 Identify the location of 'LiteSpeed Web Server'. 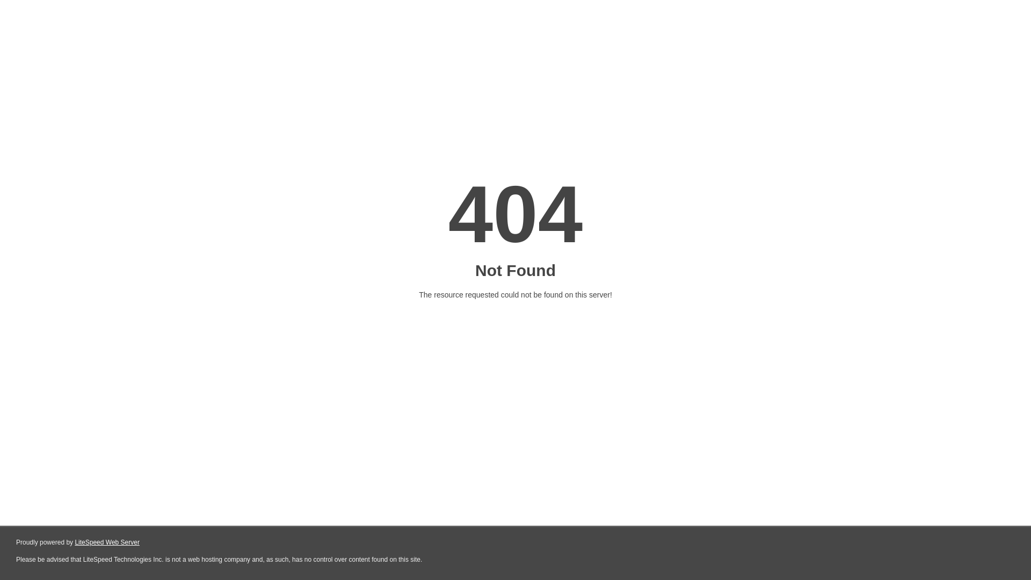
(107, 542).